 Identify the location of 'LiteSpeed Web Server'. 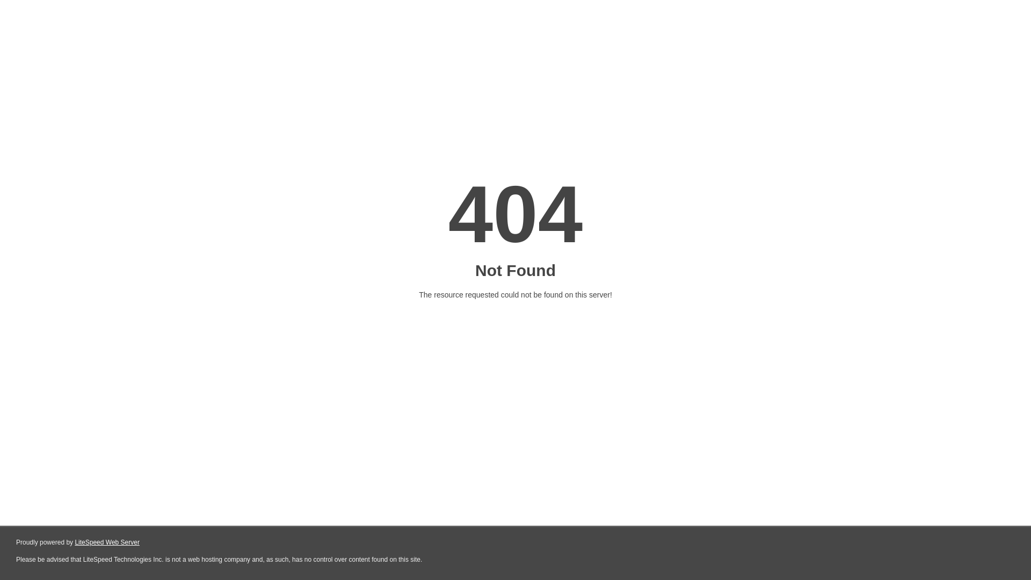
(107, 542).